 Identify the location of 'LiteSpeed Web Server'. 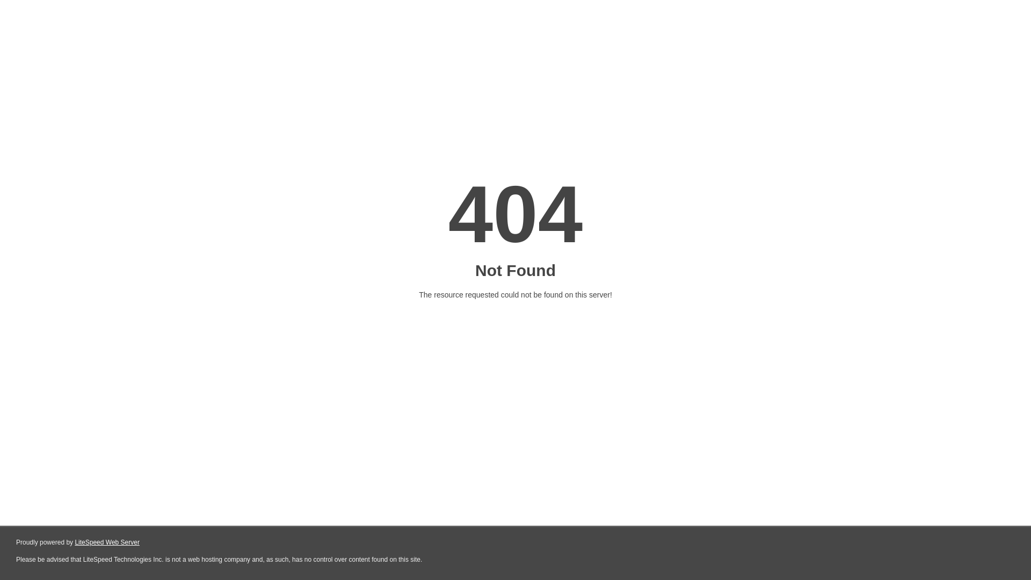
(107, 542).